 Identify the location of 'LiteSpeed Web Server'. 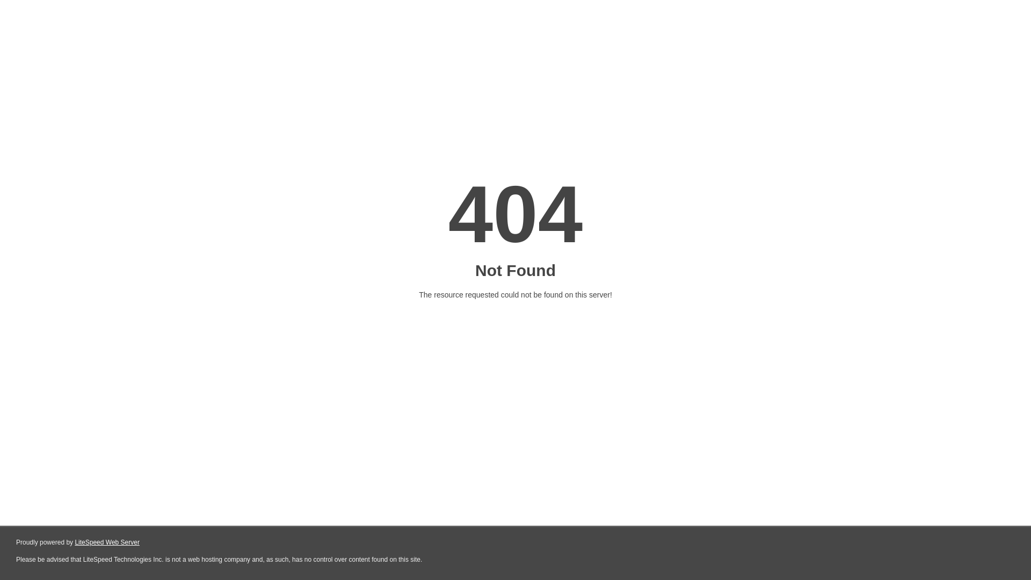
(107, 542).